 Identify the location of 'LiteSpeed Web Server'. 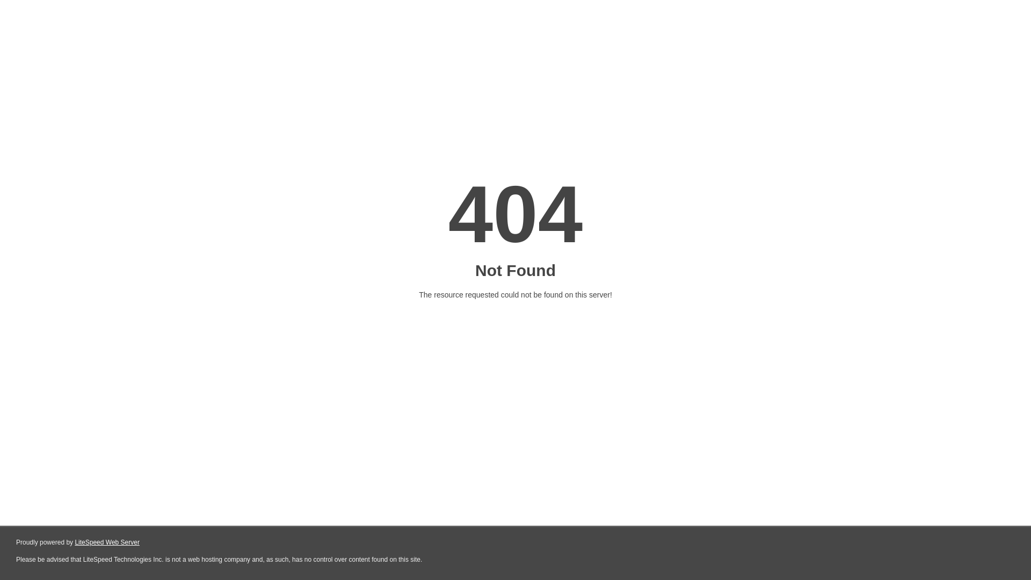
(107, 542).